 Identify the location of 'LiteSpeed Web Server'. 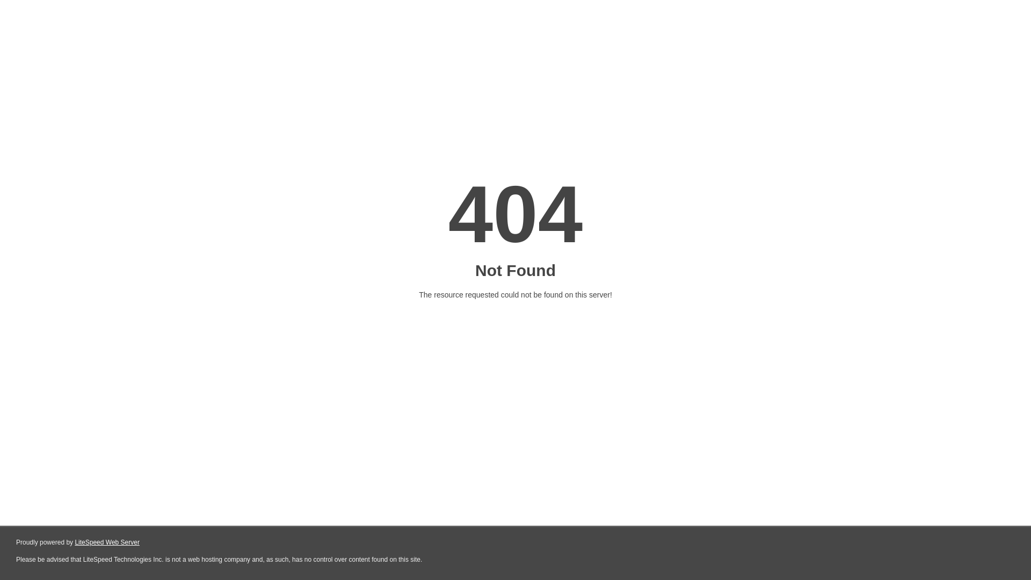
(107, 542).